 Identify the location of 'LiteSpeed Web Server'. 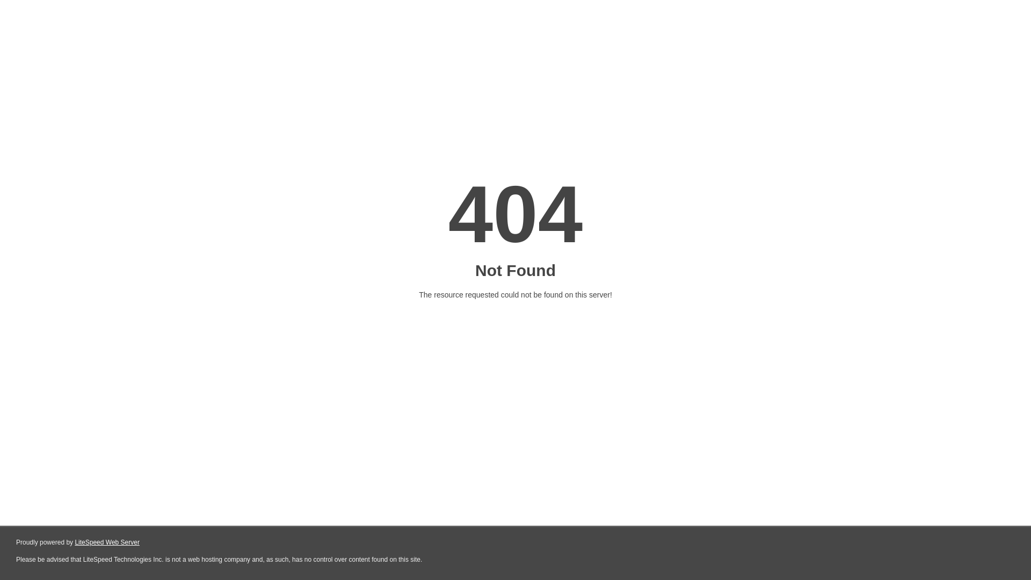
(107, 542).